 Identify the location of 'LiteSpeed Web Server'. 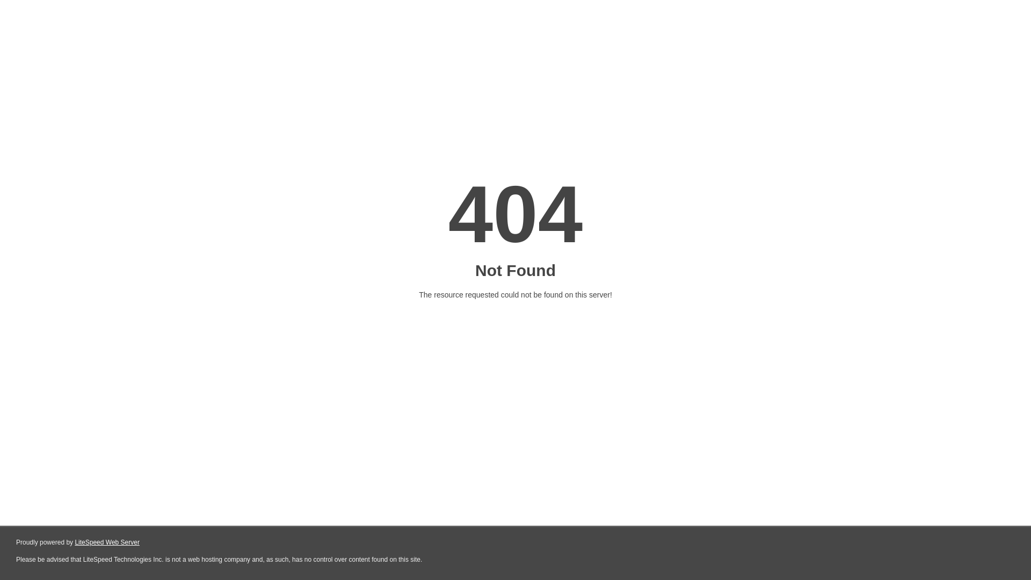
(107, 542).